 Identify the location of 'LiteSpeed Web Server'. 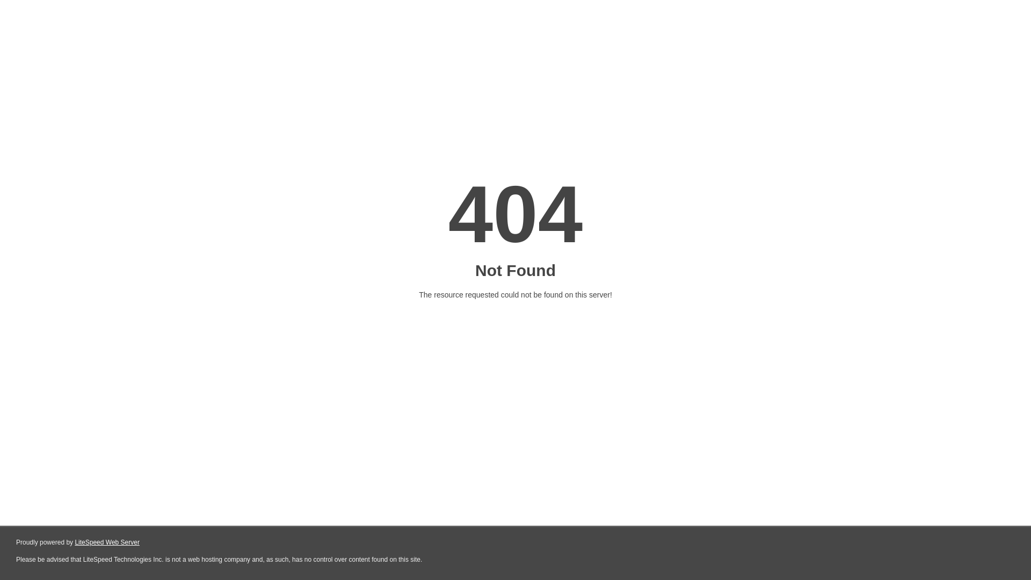
(107, 542).